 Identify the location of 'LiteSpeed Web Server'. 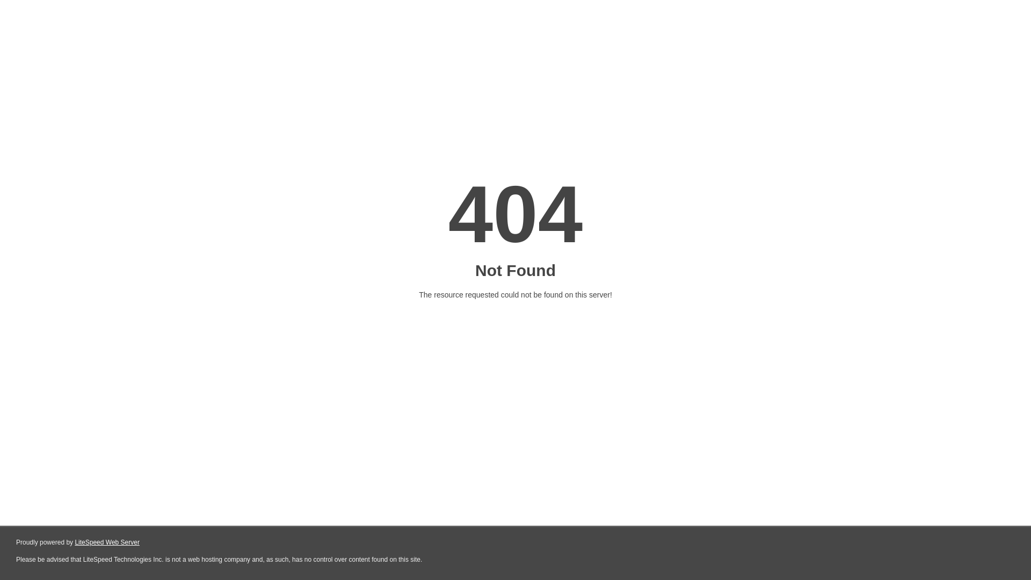
(107, 542).